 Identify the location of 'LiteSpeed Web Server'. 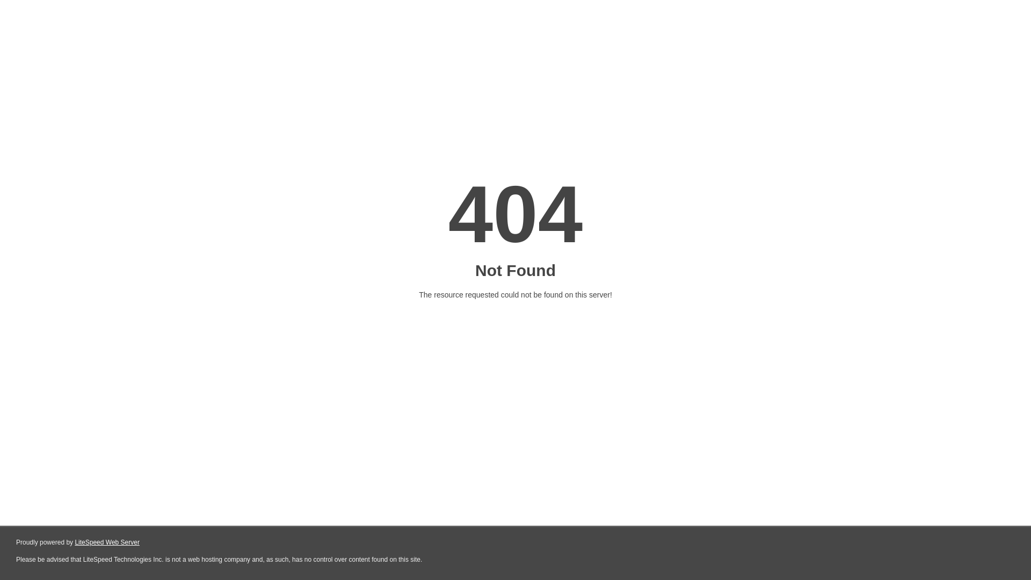
(107, 542).